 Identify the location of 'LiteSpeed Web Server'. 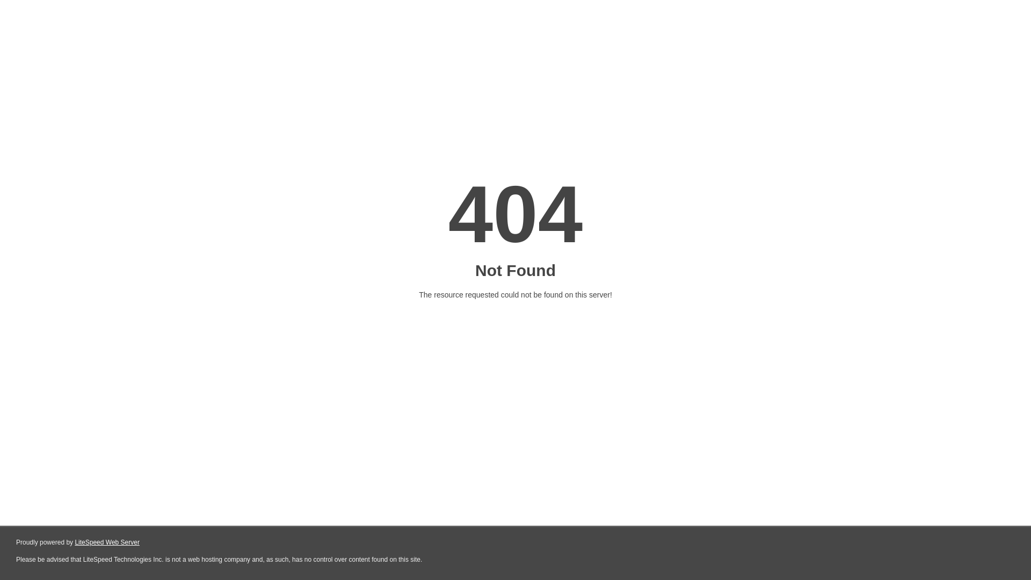
(107, 542).